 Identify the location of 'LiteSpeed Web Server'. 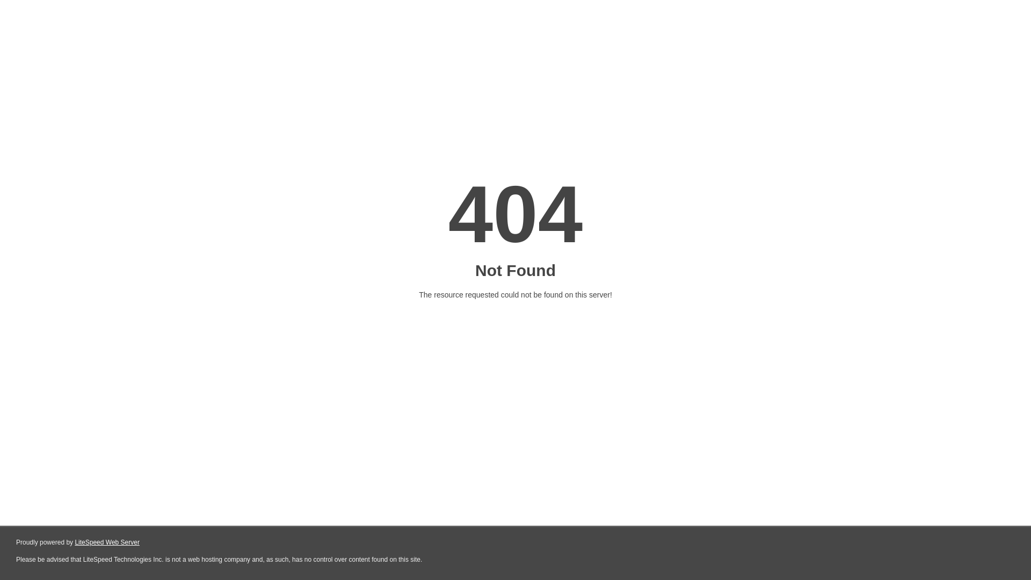
(107, 542).